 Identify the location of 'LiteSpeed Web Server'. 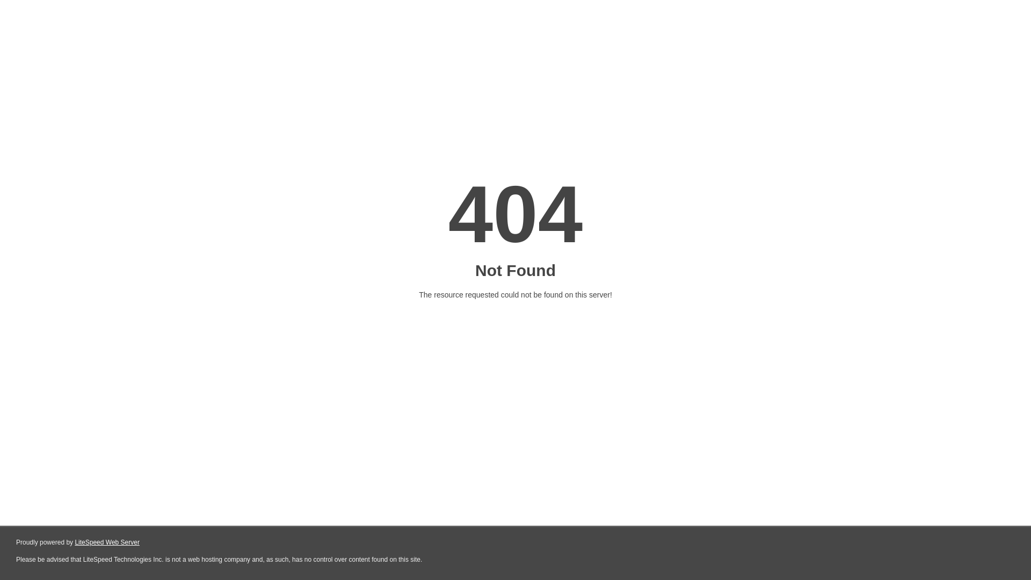
(107, 542).